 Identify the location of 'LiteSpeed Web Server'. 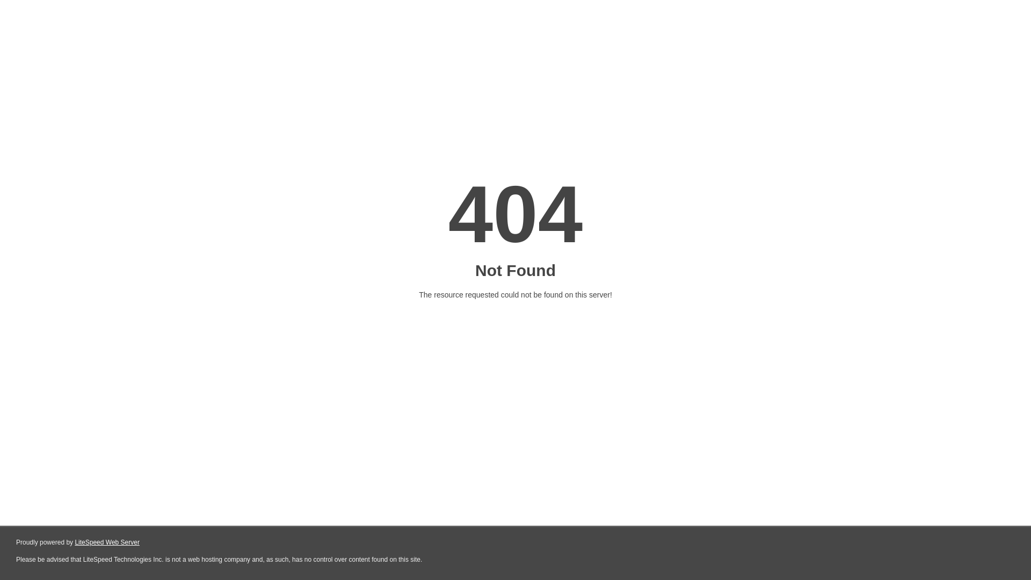
(107, 542).